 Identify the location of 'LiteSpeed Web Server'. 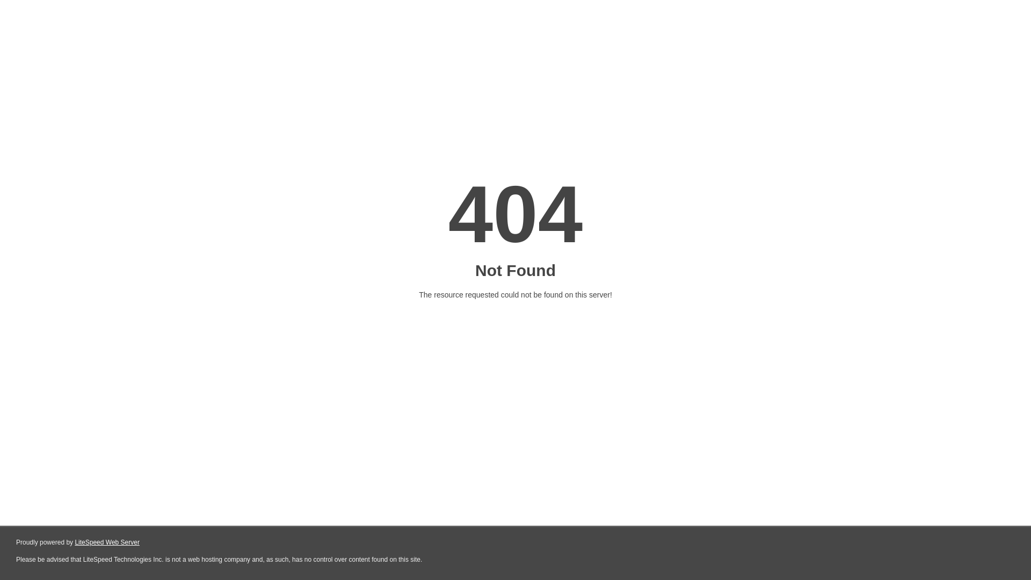
(107, 542).